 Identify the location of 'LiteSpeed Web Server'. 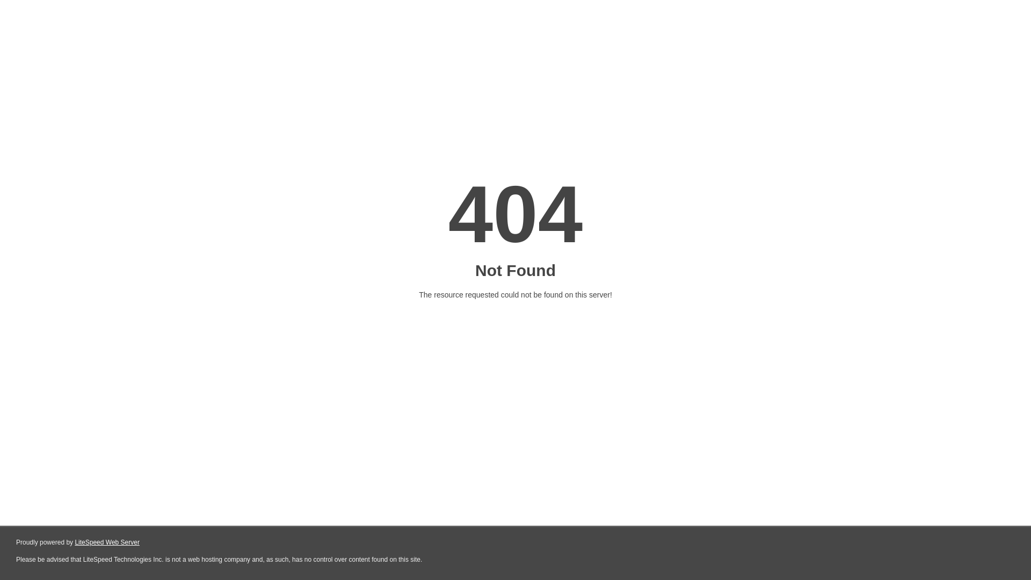
(107, 542).